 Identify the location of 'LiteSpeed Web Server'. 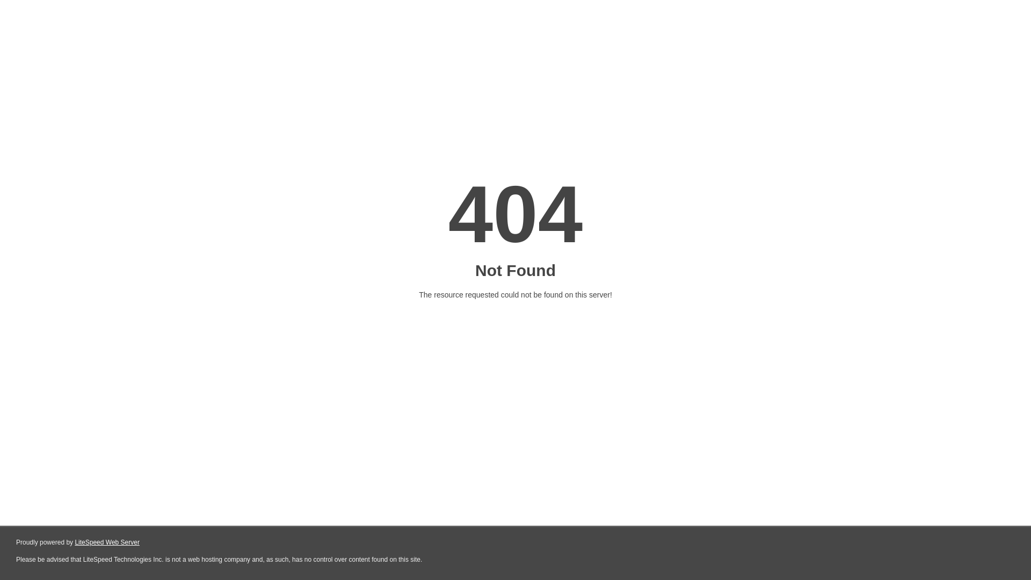
(107, 542).